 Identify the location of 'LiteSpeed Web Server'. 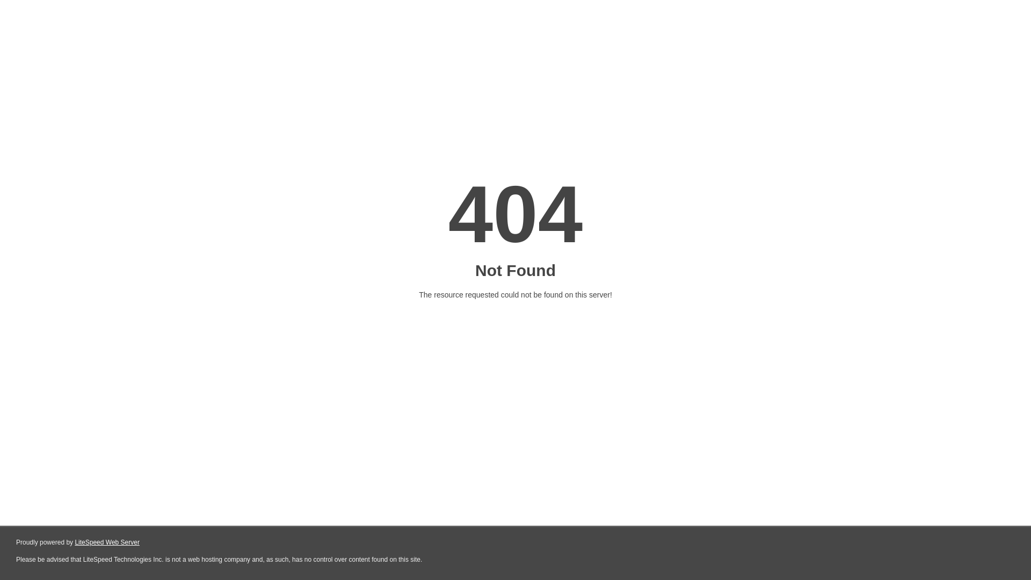
(107, 542).